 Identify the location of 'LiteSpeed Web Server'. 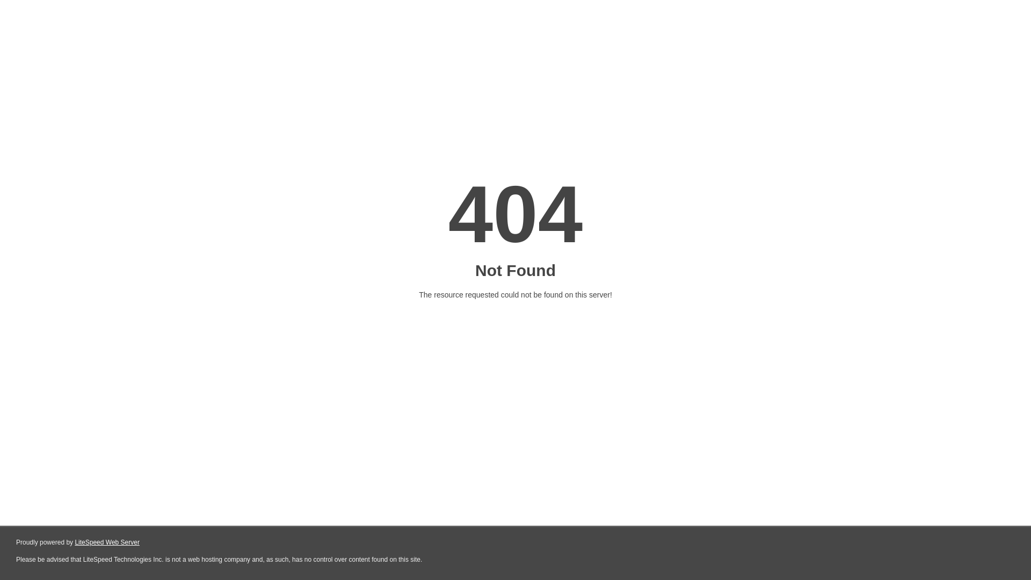
(107, 542).